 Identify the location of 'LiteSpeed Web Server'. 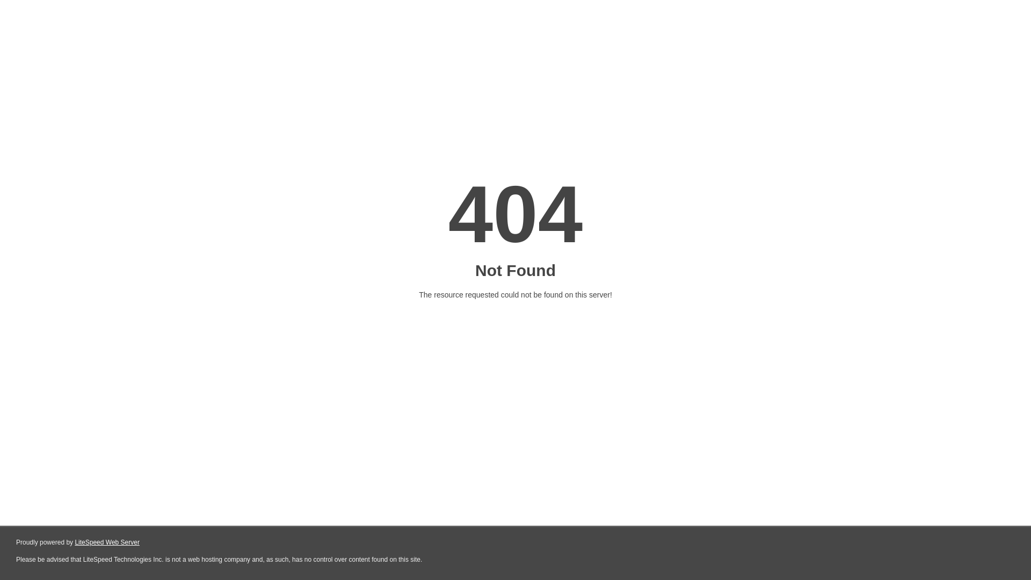
(107, 542).